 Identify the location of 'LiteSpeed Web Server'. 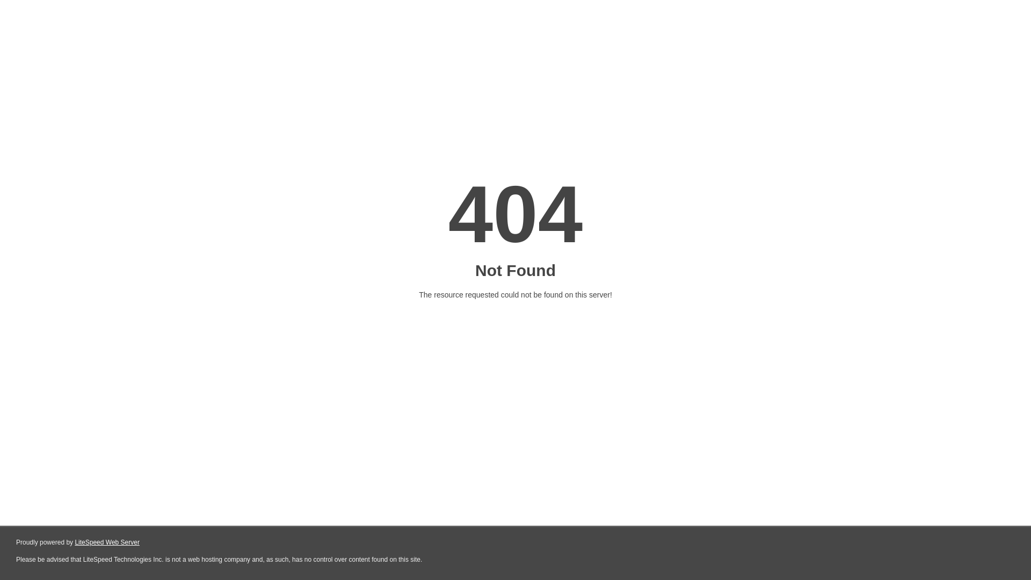
(107, 542).